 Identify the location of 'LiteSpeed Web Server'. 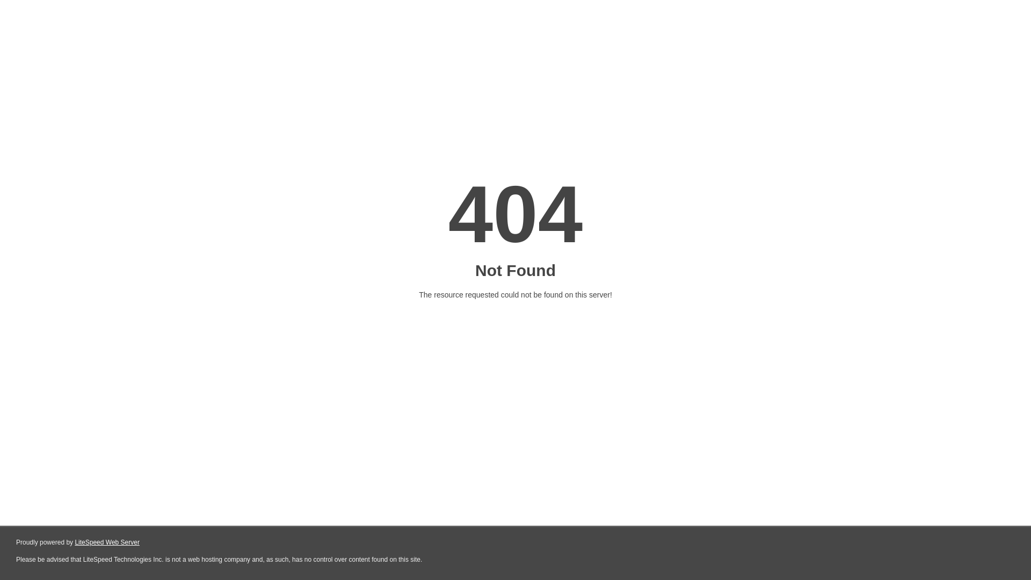
(107, 542).